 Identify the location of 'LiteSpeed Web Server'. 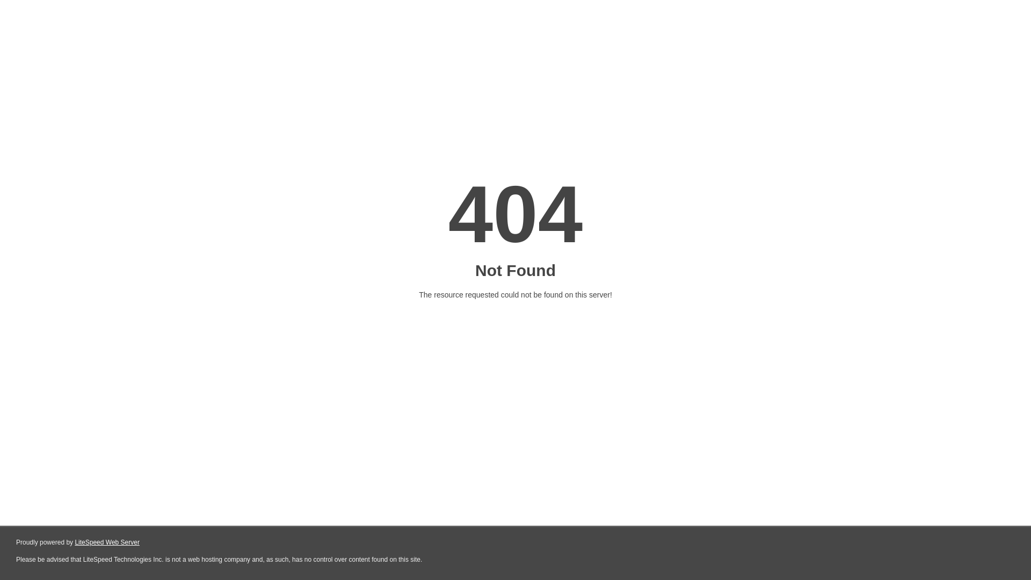
(107, 542).